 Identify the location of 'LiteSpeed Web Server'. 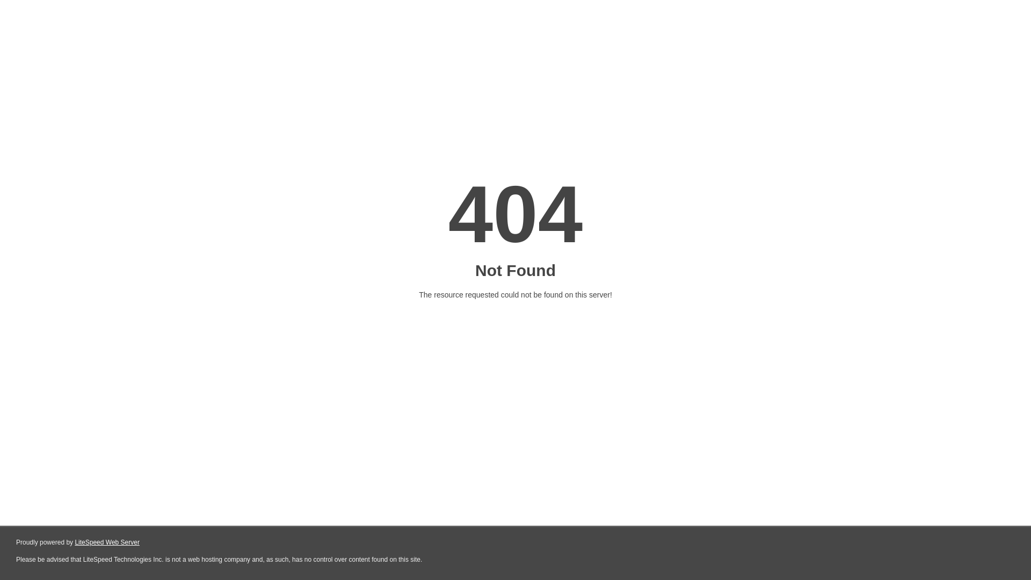
(107, 542).